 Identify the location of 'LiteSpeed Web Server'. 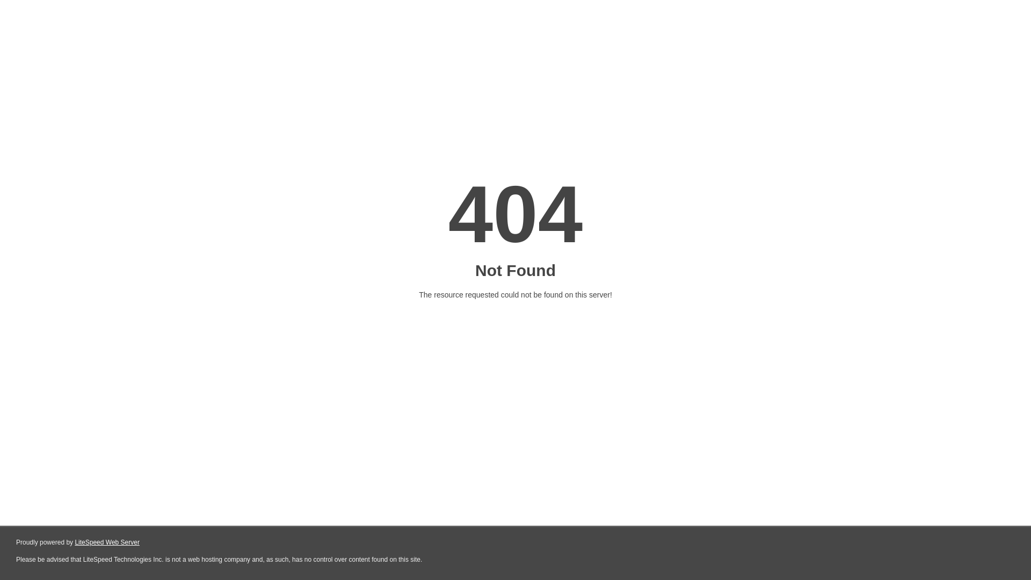
(107, 542).